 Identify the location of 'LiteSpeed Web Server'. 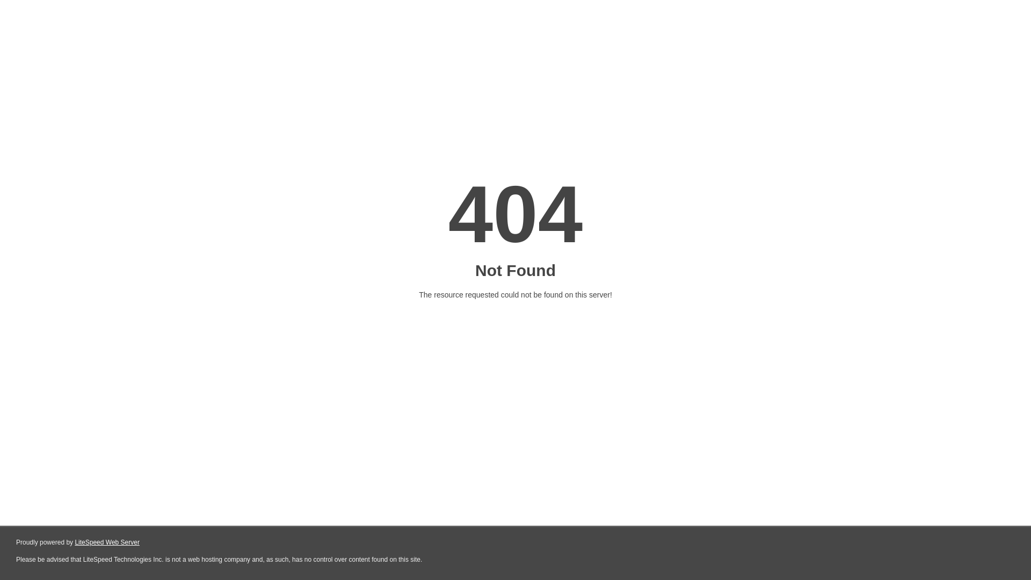
(107, 542).